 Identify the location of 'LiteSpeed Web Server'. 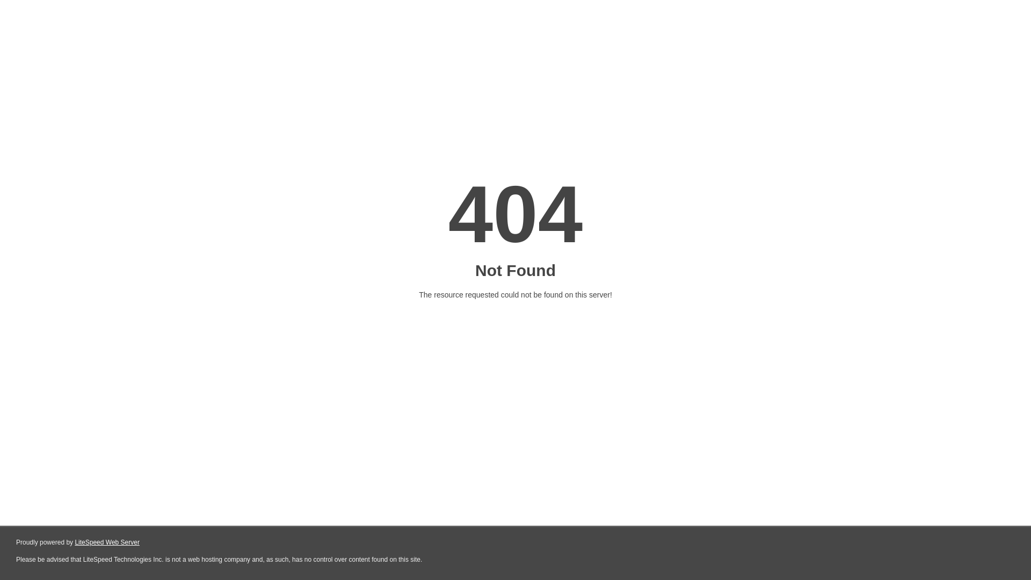
(107, 542).